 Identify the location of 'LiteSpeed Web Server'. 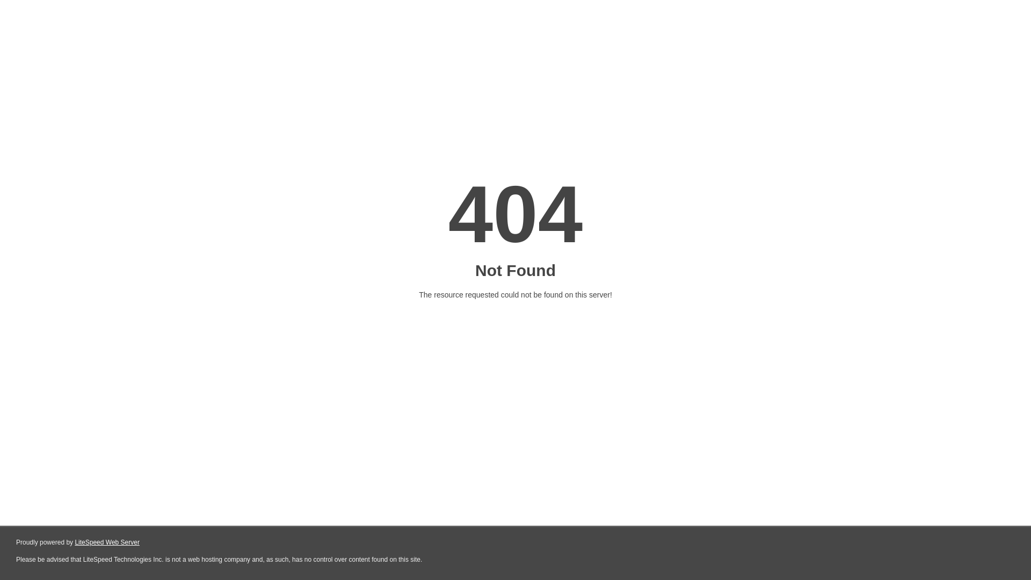
(107, 542).